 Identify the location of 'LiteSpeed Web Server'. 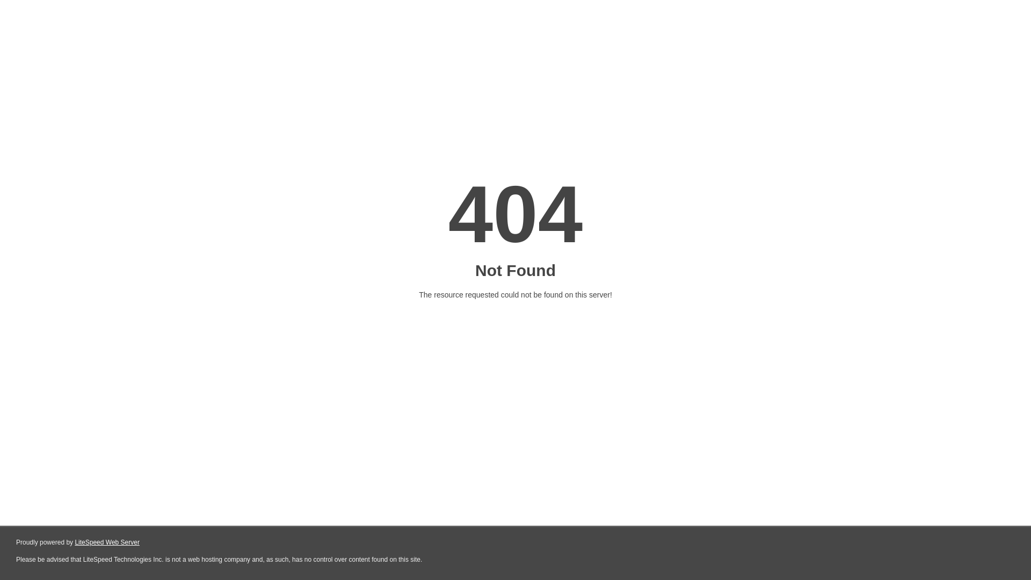
(107, 542).